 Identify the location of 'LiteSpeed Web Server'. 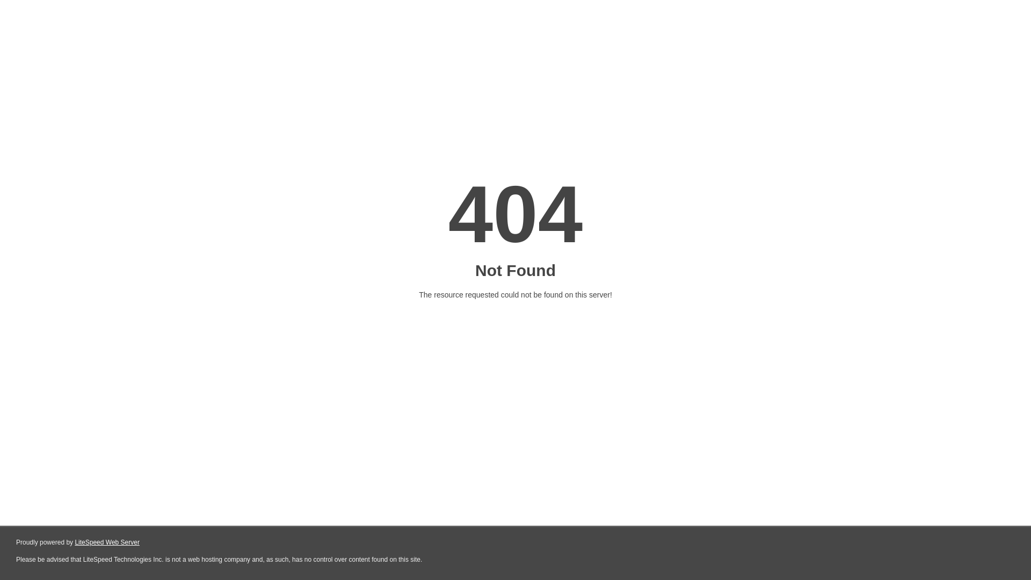
(107, 542).